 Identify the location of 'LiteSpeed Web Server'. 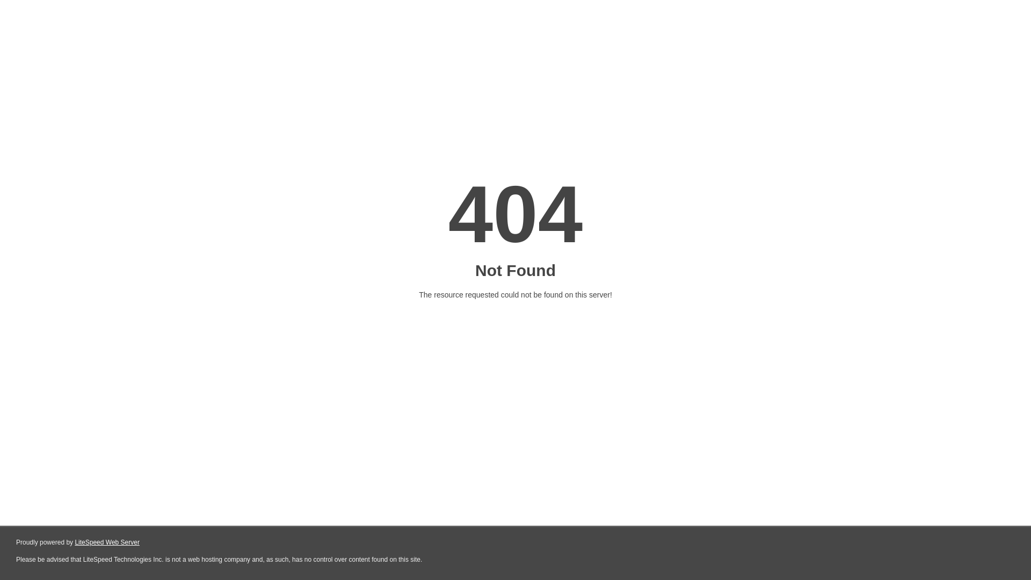
(107, 542).